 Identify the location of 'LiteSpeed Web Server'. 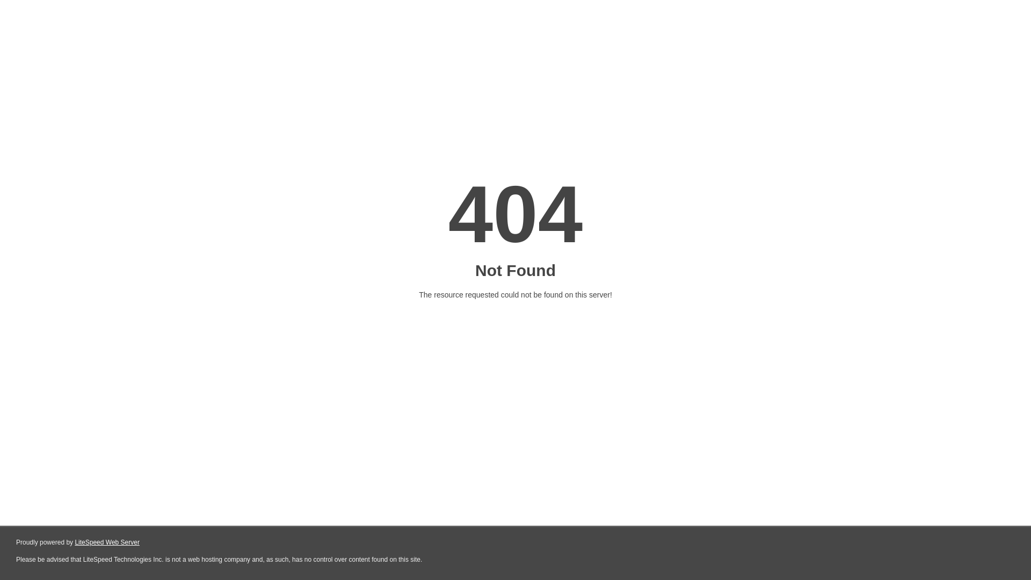
(107, 542).